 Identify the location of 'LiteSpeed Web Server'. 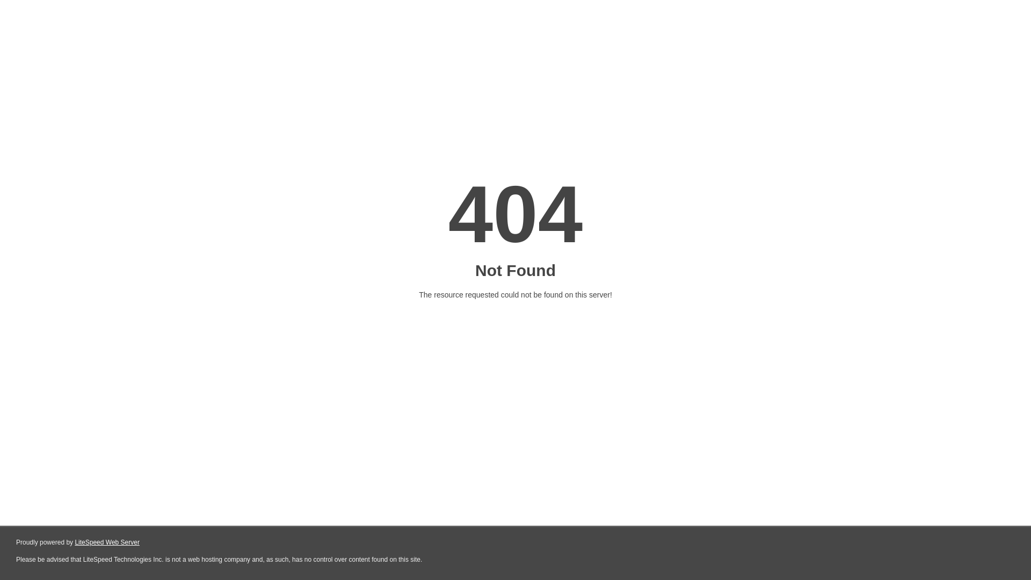
(107, 542).